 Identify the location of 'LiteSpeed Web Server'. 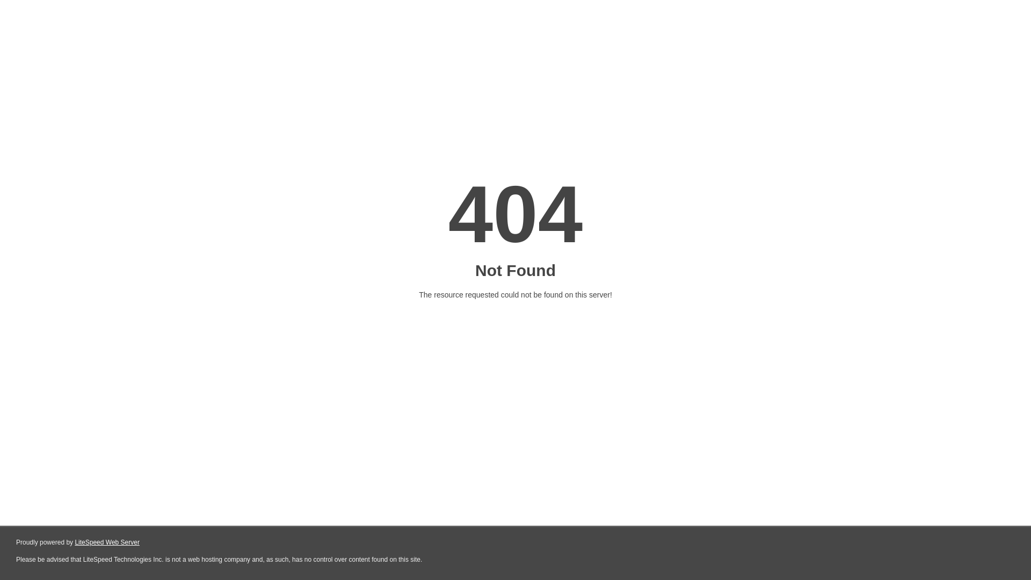
(107, 542).